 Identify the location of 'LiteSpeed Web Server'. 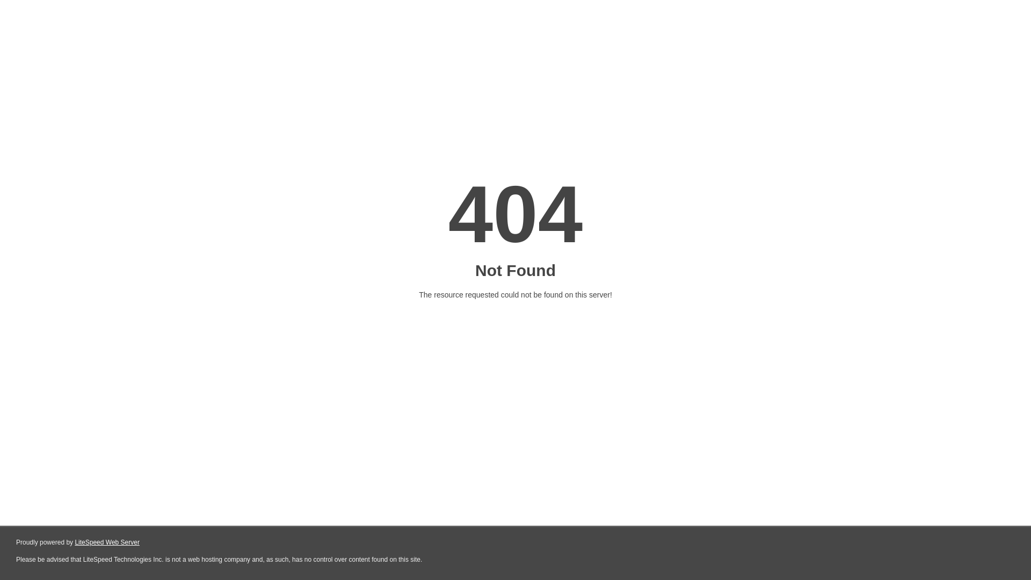
(107, 542).